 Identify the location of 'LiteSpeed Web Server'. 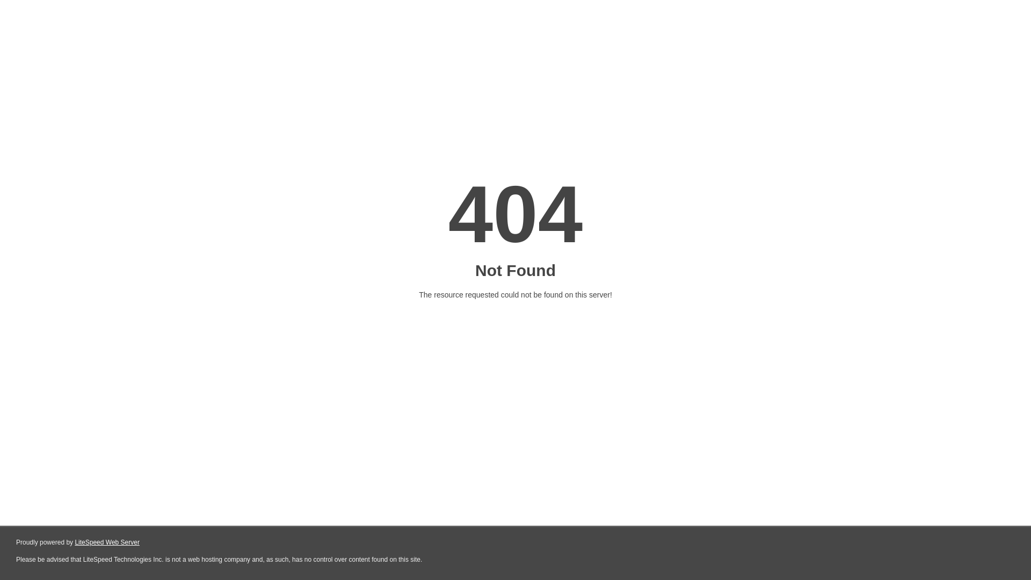
(107, 542).